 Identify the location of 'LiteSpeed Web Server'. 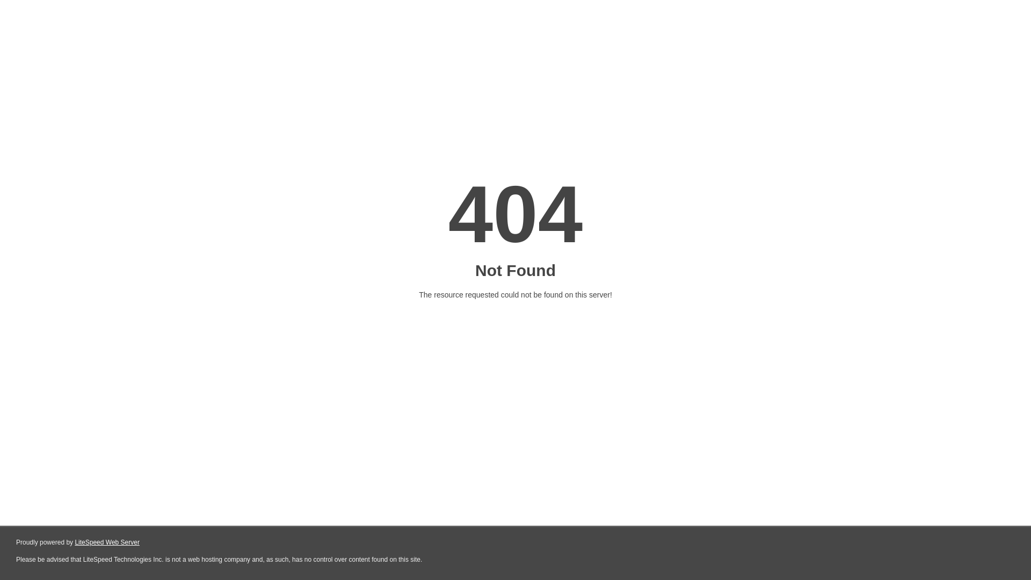
(107, 542).